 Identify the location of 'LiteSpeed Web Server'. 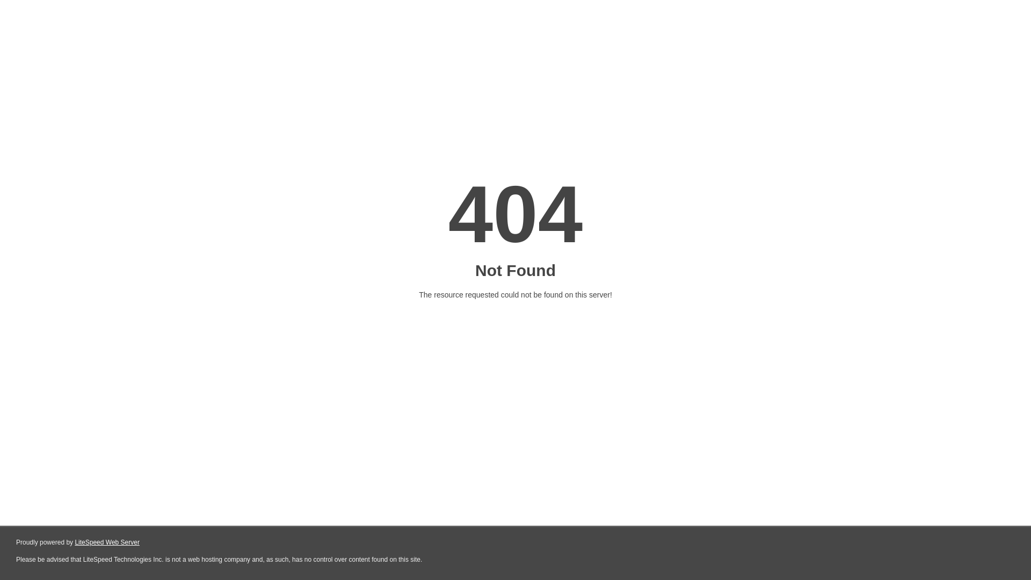
(107, 542).